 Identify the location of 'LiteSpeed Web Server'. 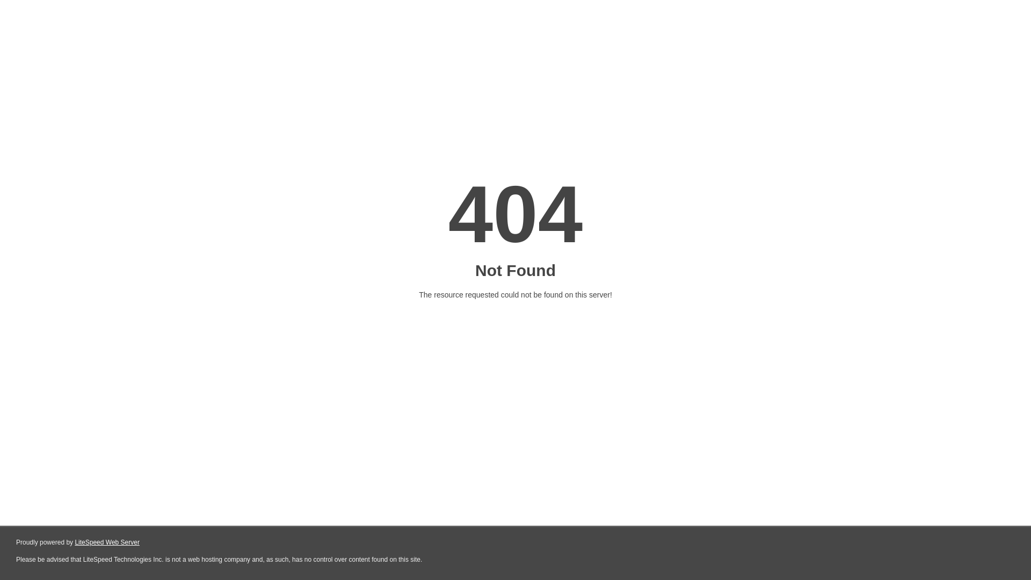
(107, 542).